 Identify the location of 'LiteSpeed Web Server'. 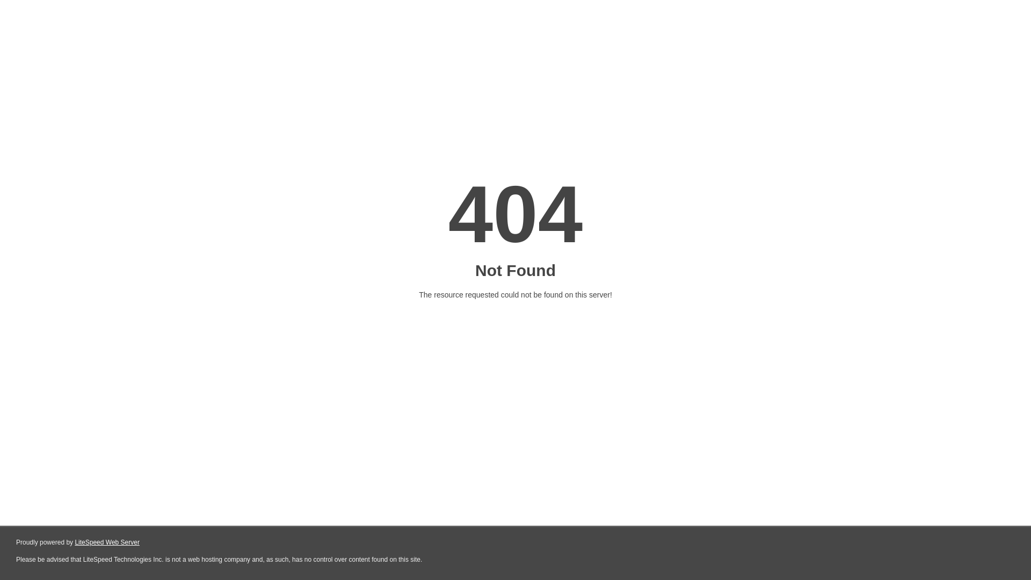
(107, 542).